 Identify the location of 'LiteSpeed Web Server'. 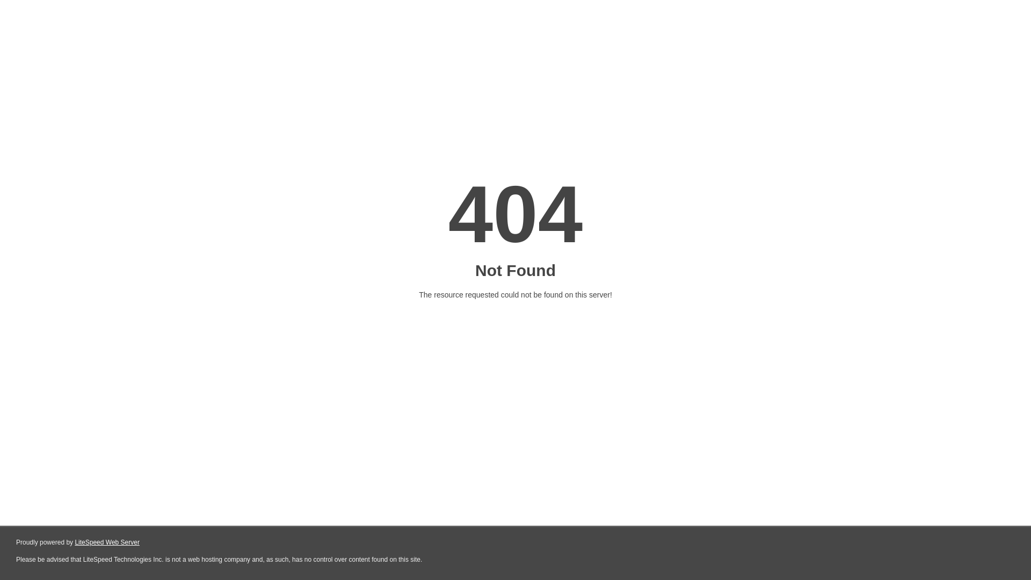
(107, 542).